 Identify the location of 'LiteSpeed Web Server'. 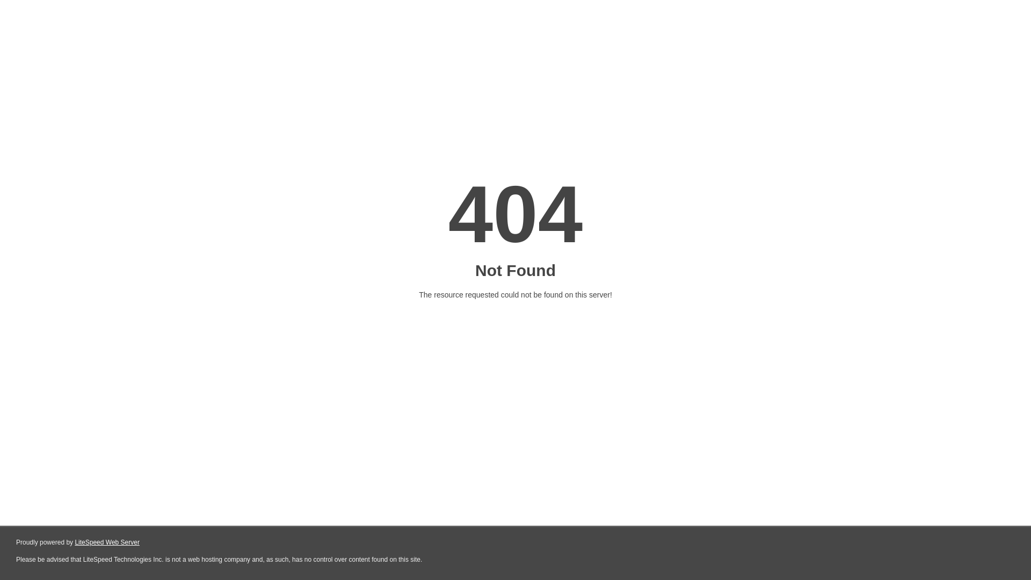
(107, 542).